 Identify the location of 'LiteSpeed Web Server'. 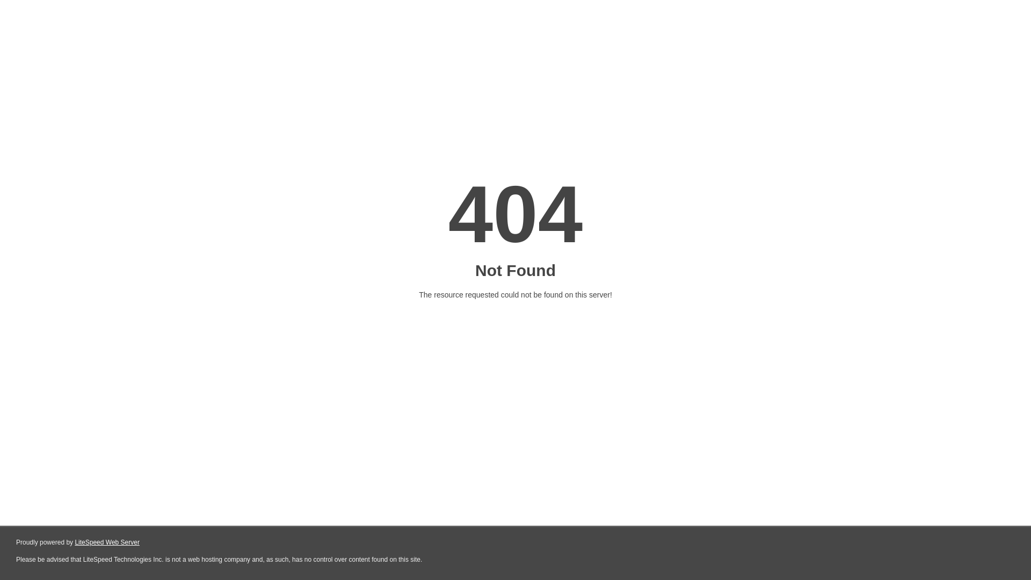
(107, 542).